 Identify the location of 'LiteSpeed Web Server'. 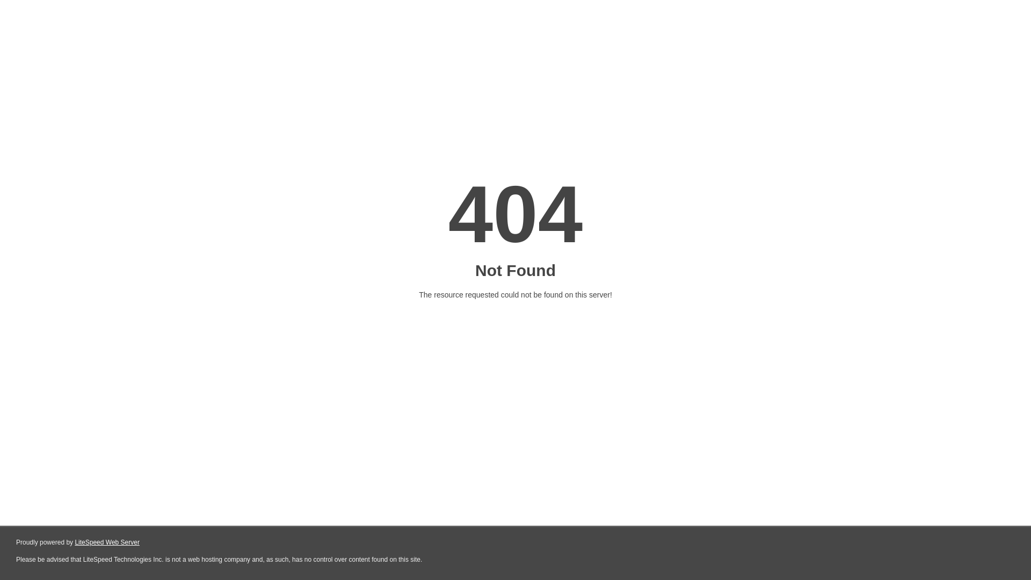
(107, 542).